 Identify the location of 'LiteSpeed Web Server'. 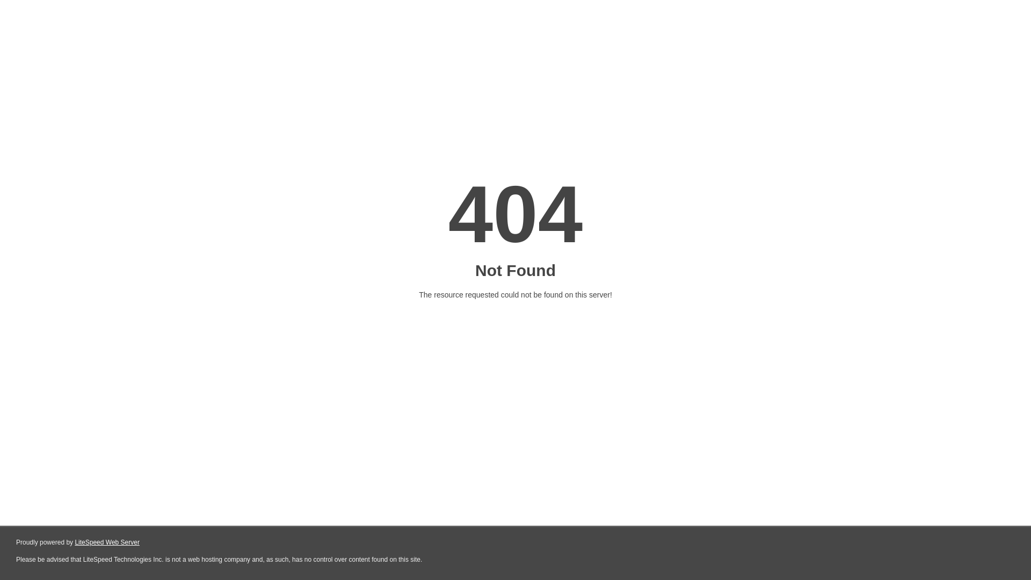
(107, 542).